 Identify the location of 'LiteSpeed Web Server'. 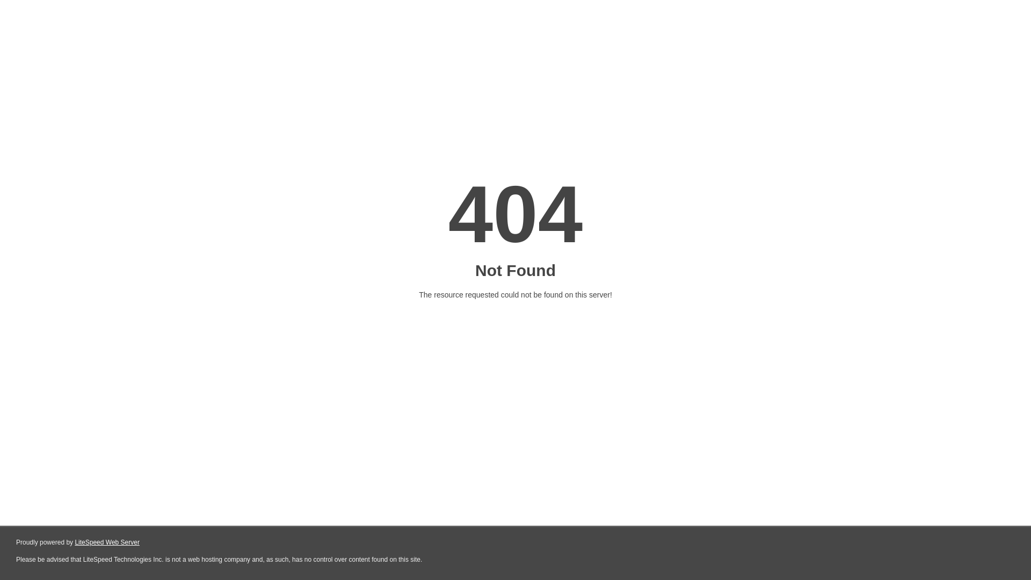
(107, 542).